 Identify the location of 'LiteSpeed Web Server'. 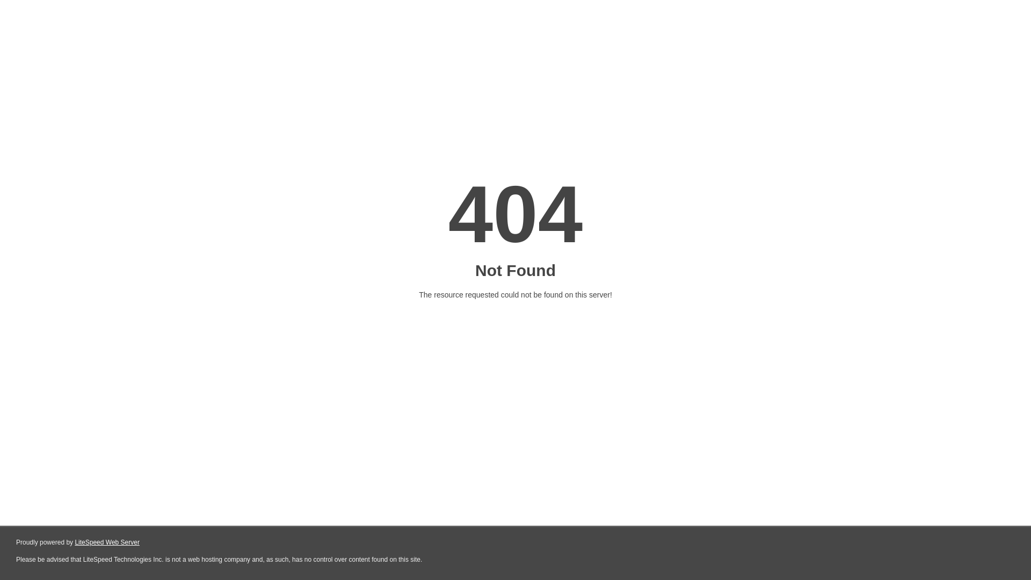
(107, 542).